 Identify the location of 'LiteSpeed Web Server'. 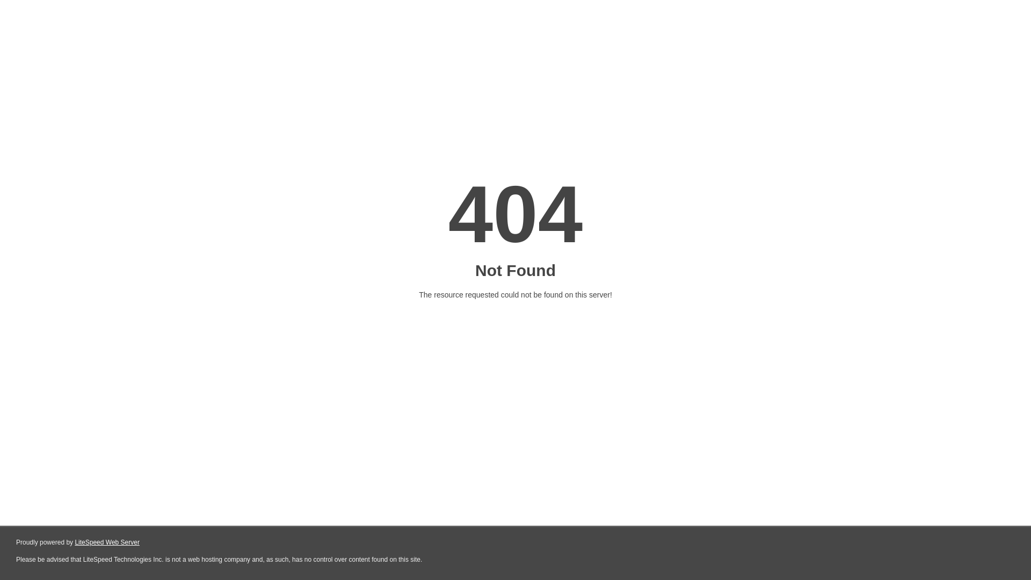
(107, 542).